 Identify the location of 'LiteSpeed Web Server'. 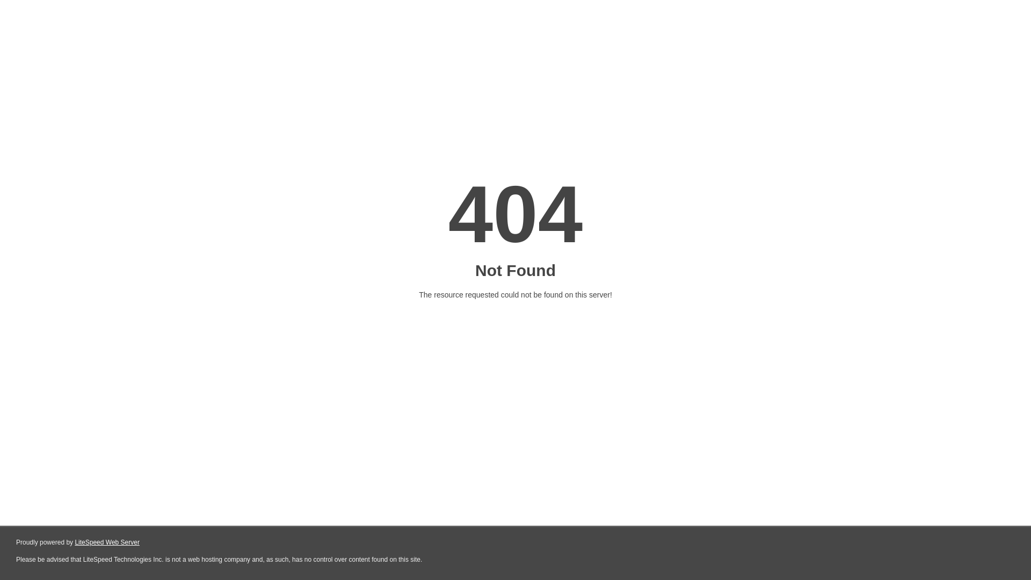
(107, 542).